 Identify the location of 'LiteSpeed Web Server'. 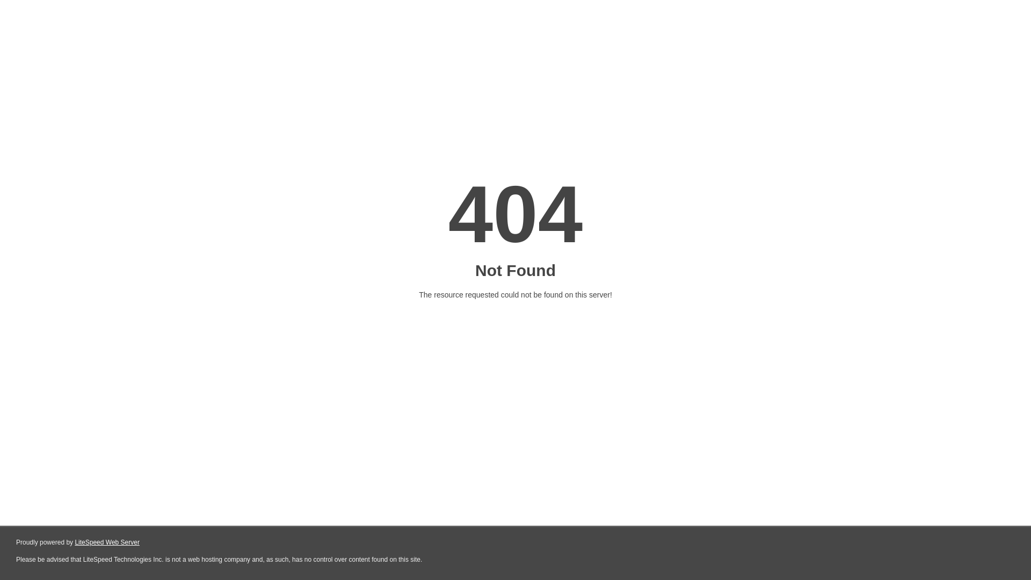
(107, 542).